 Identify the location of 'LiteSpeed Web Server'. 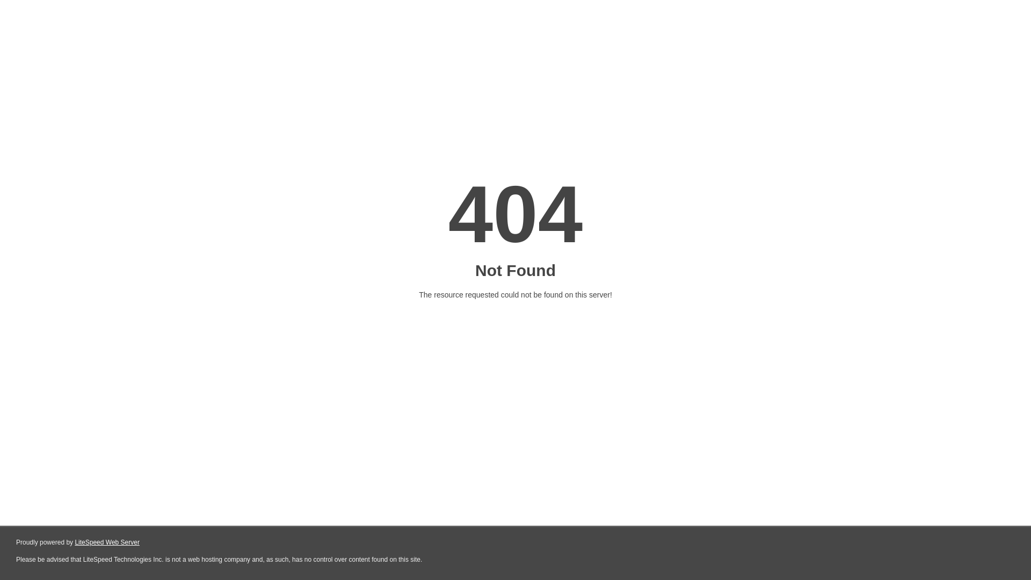
(107, 542).